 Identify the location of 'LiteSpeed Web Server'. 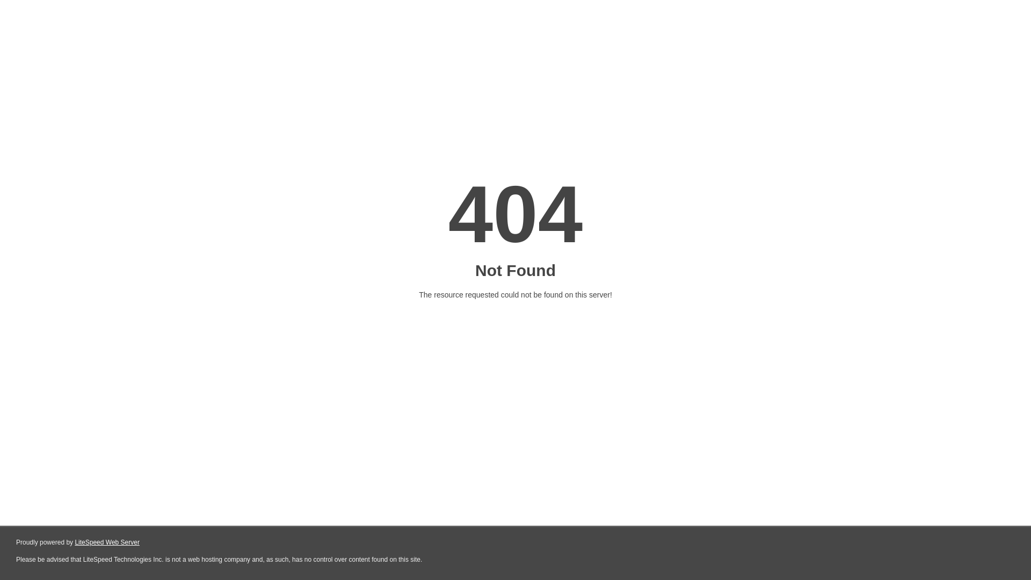
(107, 542).